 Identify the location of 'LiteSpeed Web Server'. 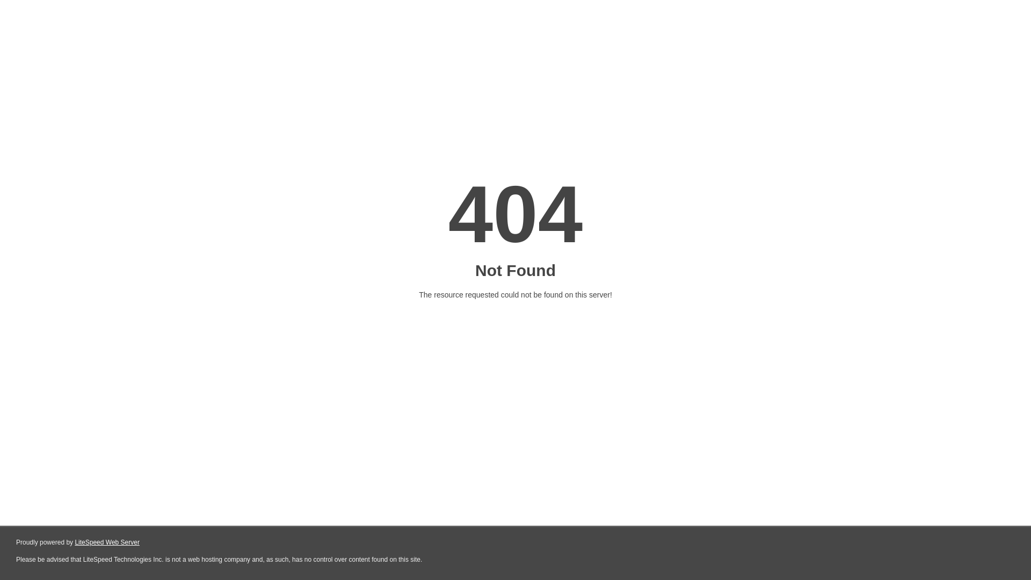
(107, 542).